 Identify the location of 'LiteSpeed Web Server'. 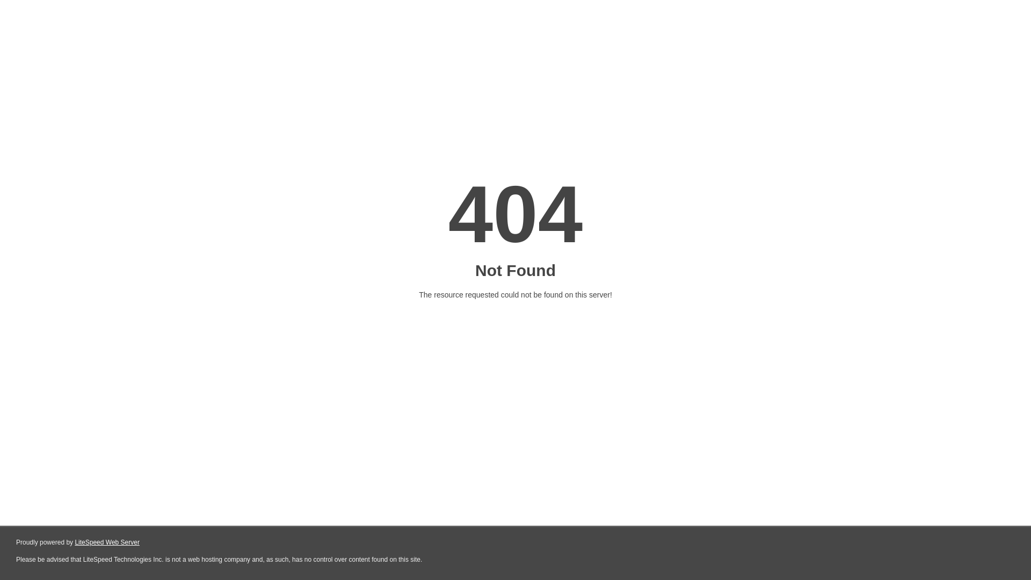
(107, 542).